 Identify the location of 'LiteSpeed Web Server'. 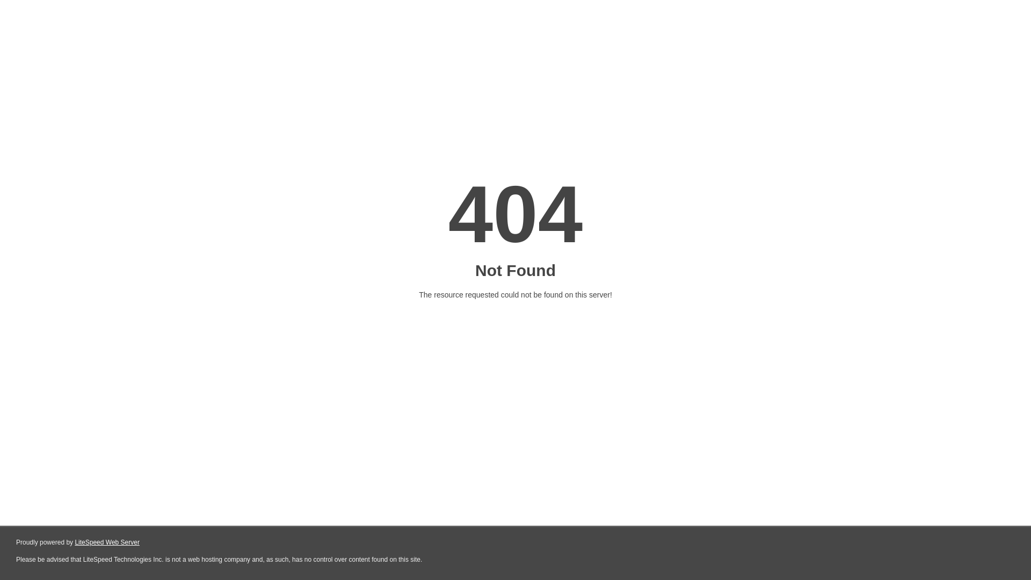
(107, 542).